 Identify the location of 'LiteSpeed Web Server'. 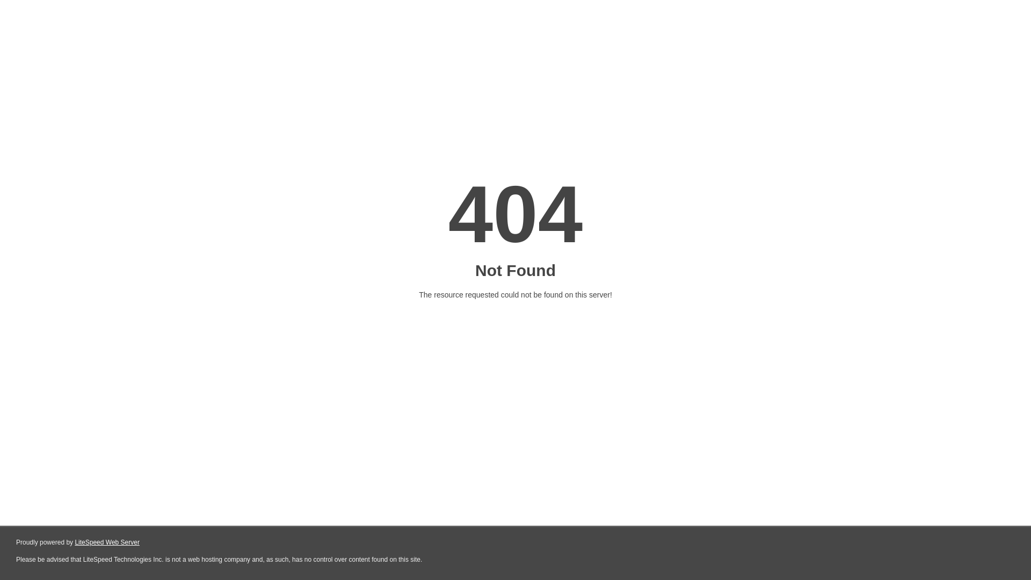
(107, 542).